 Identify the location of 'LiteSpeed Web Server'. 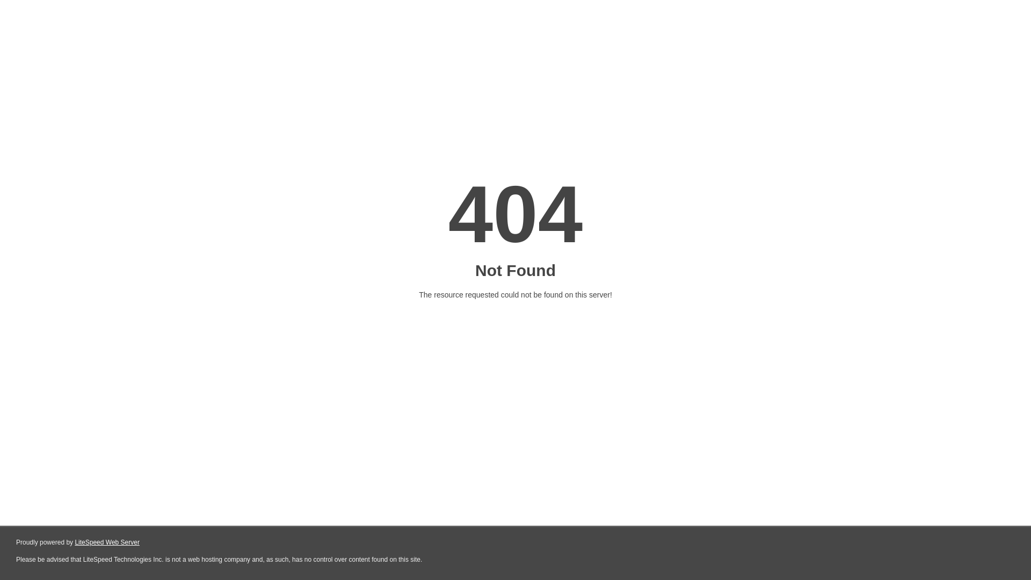
(107, 542).